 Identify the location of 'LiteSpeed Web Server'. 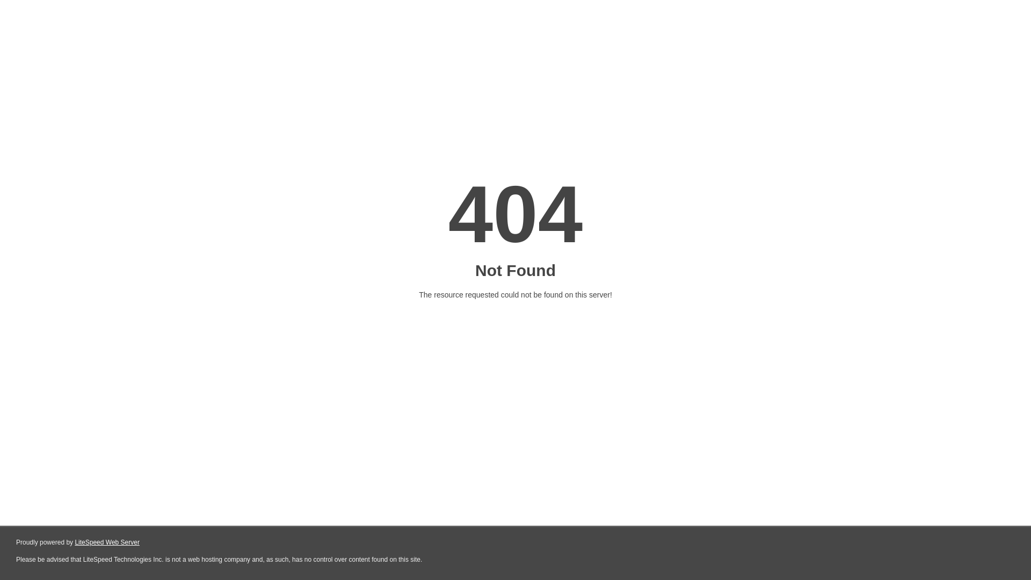
(107, 542).